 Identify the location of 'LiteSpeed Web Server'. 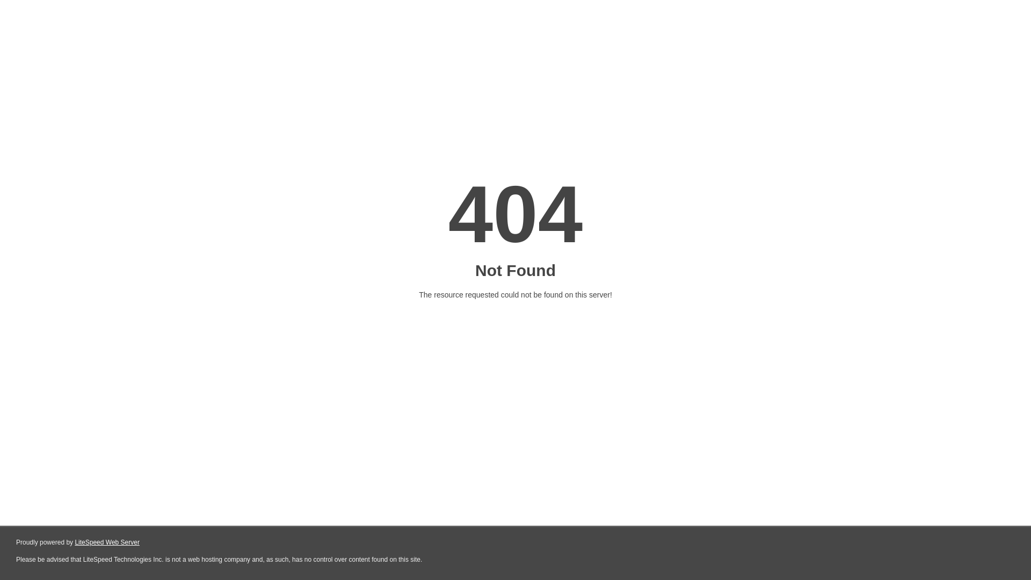
(107, 542).